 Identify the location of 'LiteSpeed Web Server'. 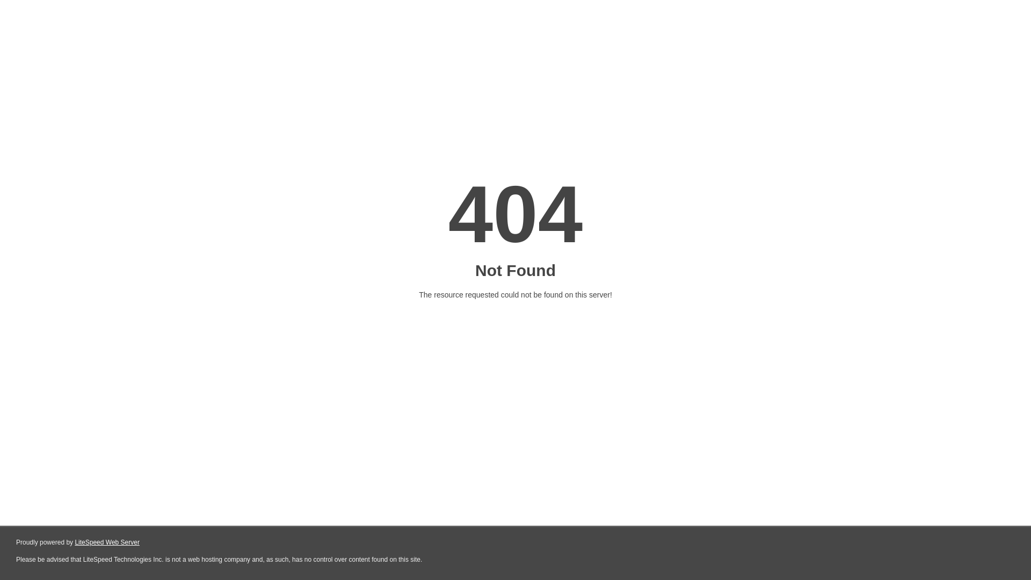
(107, 542).